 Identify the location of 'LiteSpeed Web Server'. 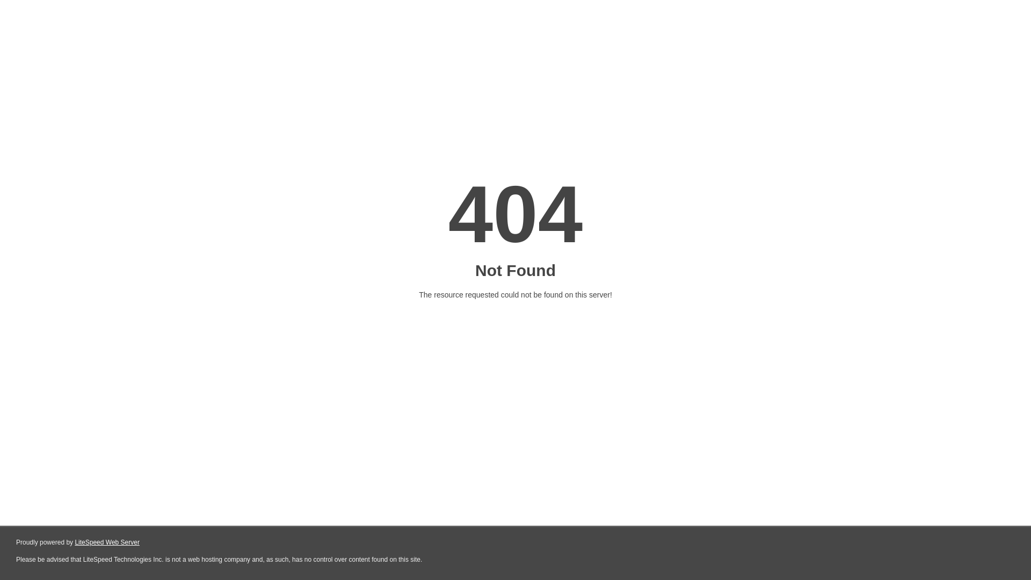
(107, 542).